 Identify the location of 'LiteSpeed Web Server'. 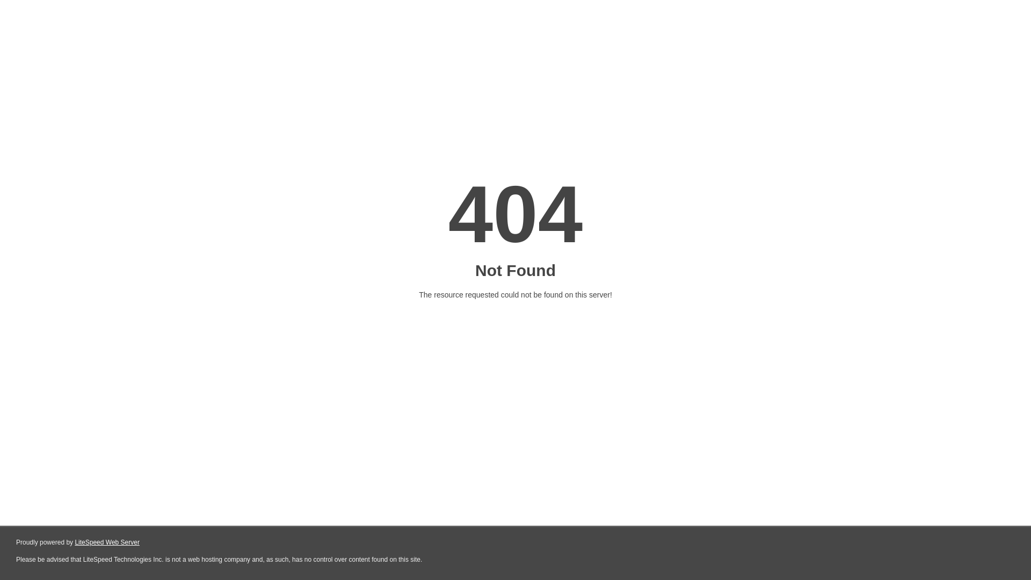
(107, 542).